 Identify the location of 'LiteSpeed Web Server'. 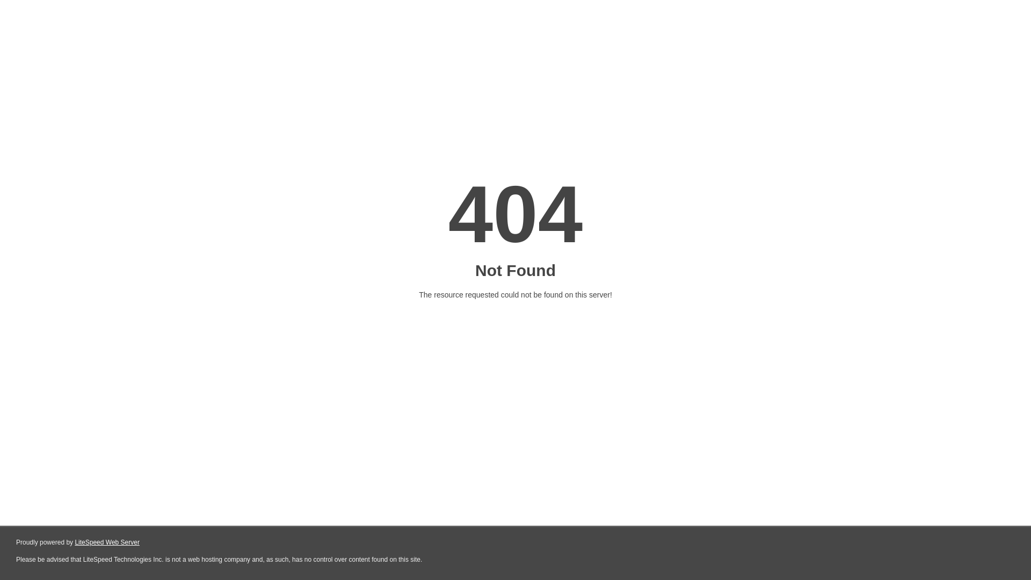
(107, 542).